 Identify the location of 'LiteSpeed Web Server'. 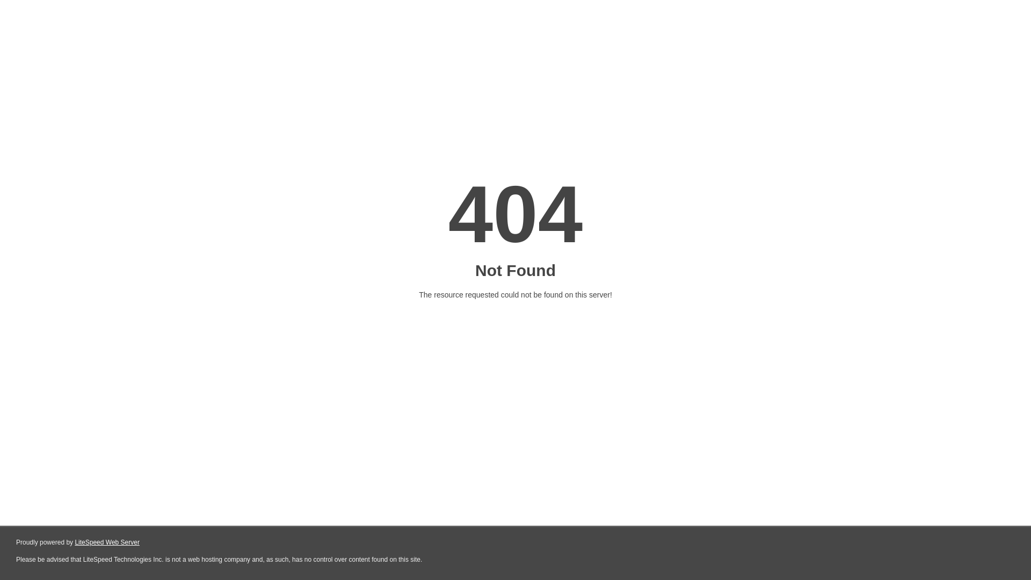
(107, 542).